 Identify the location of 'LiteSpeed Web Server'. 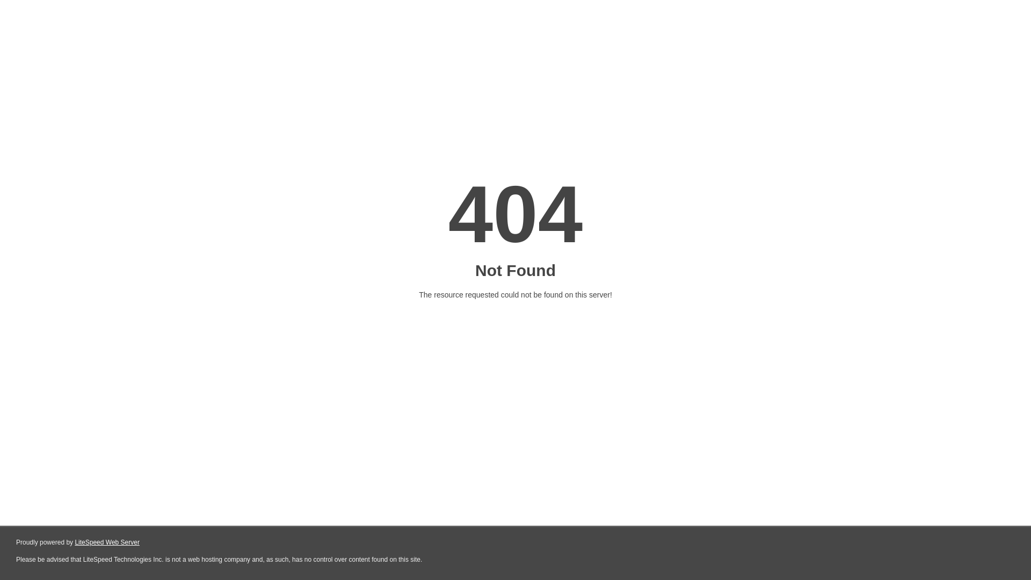
(107, 542).